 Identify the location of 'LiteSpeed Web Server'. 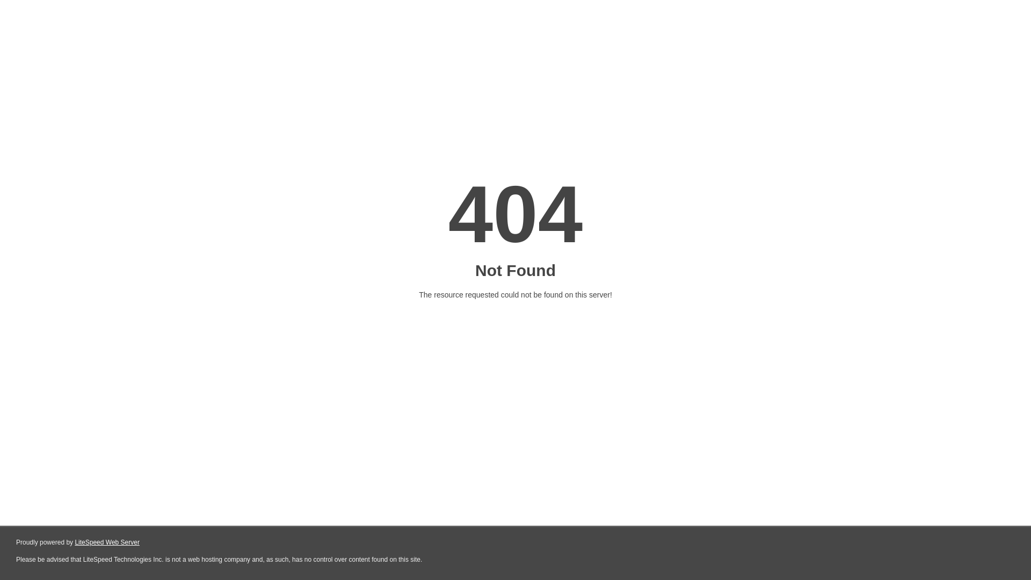
(107, 542).